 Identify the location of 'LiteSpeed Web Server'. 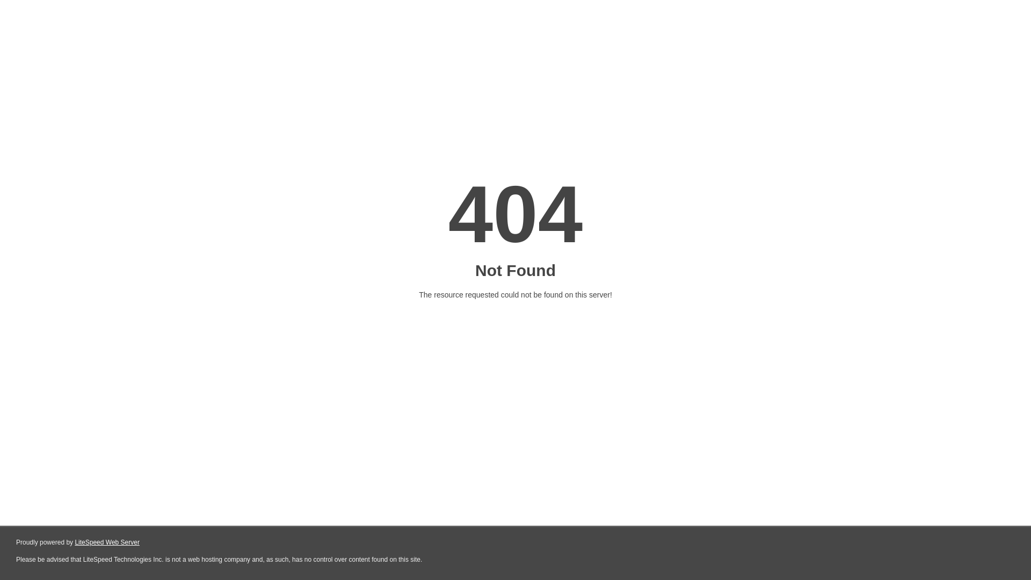
(107, 542).